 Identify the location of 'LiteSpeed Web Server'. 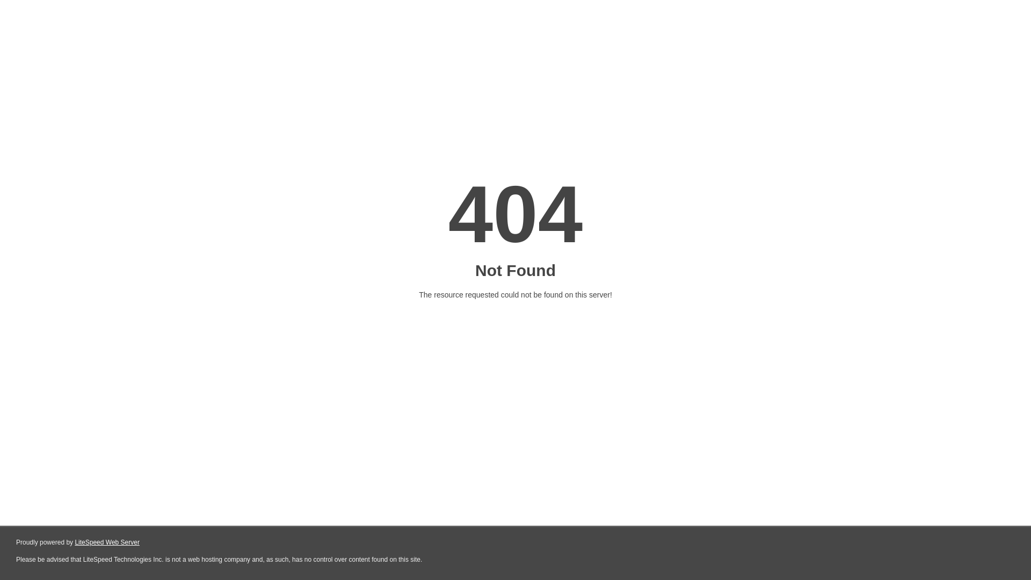
(107, 542).